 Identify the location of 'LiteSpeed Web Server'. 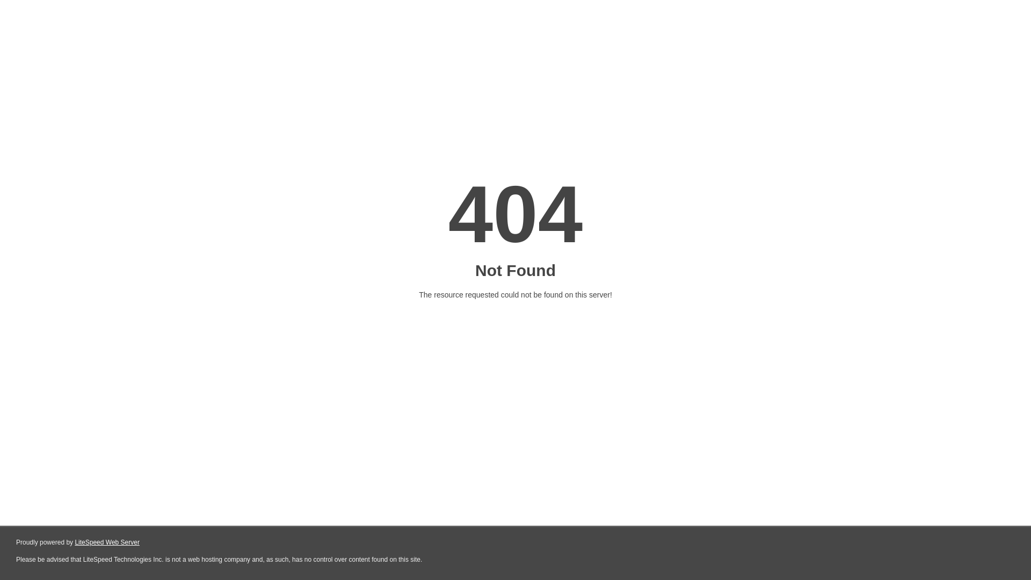
(107, 542).